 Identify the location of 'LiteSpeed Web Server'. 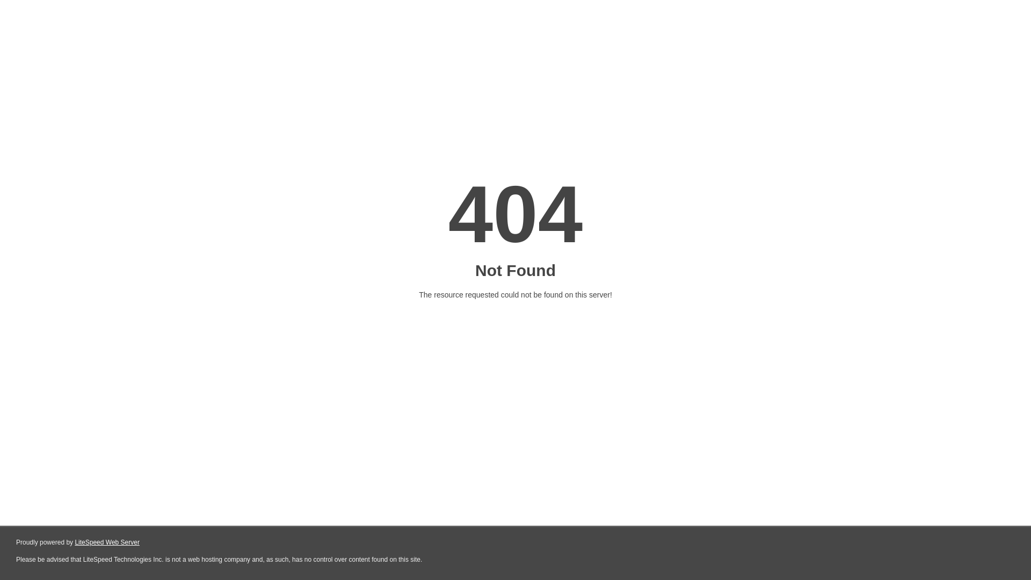
(107, 542).